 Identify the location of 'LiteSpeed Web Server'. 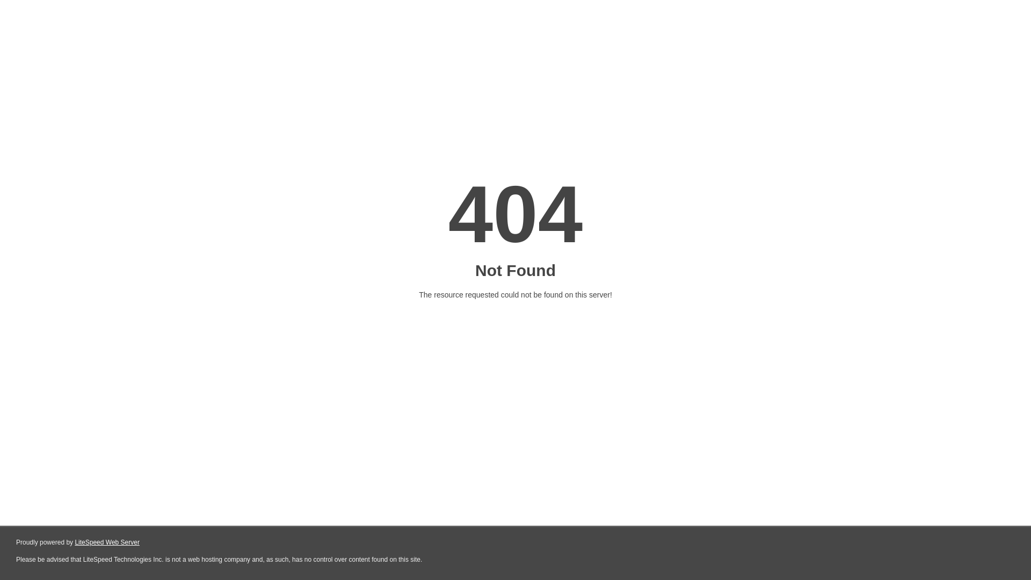
(107, 542).